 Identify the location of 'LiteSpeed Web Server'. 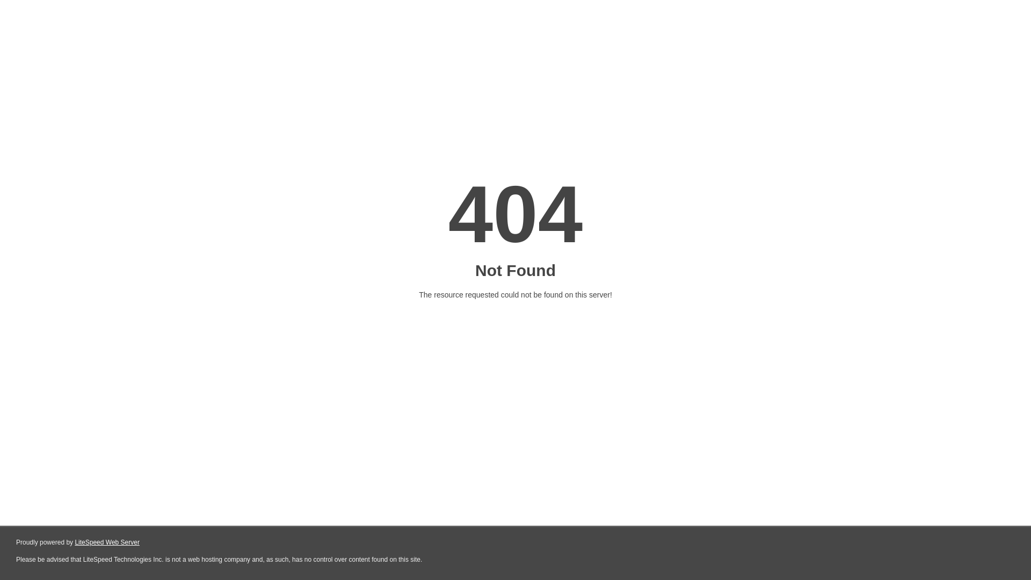
(107, 542).